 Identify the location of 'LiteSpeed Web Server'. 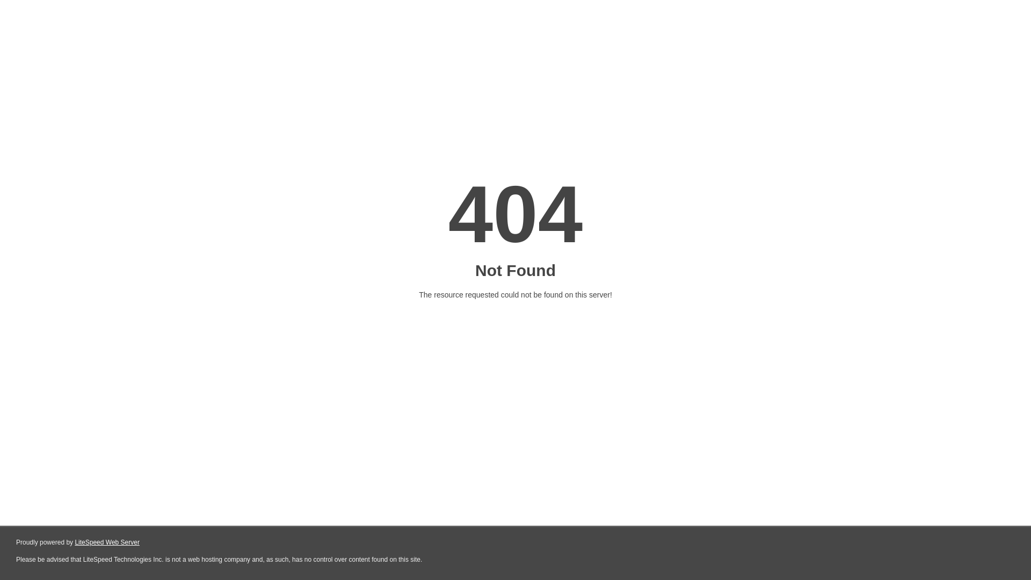
(107, 542).